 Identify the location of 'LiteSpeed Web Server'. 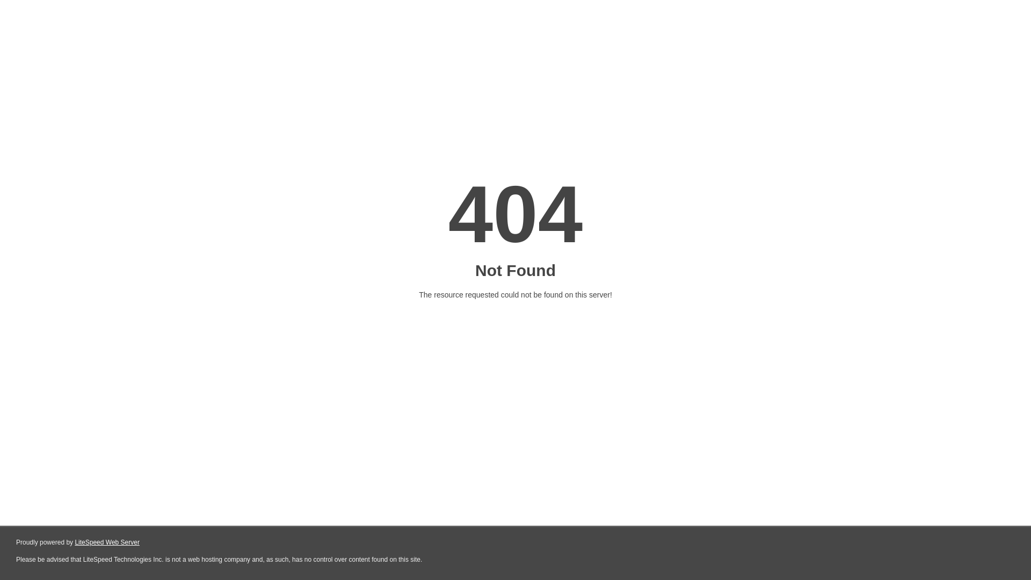
(107, 542).